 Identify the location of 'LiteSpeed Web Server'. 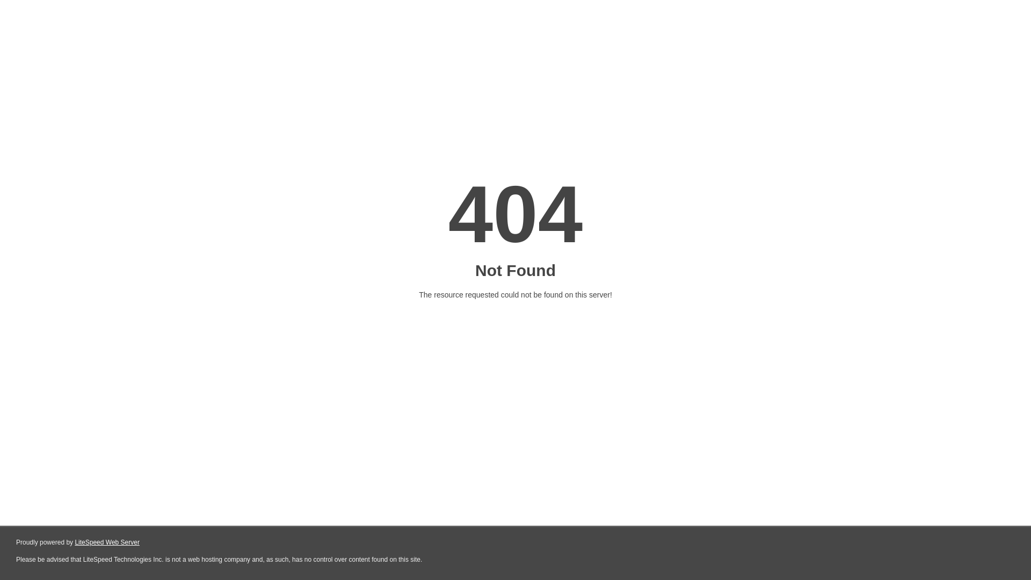
(107, 542).